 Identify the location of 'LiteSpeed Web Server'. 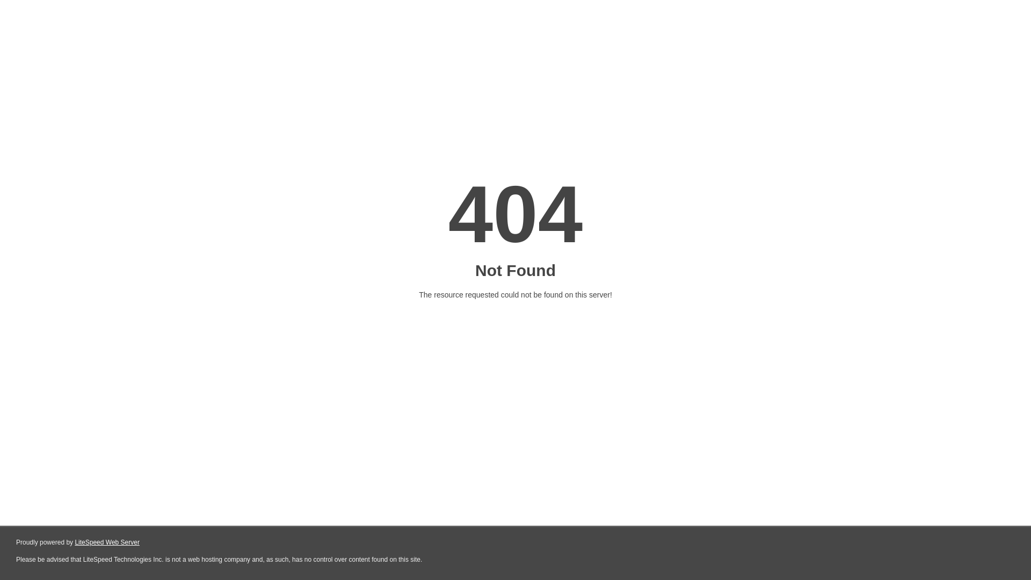
(107, 542).